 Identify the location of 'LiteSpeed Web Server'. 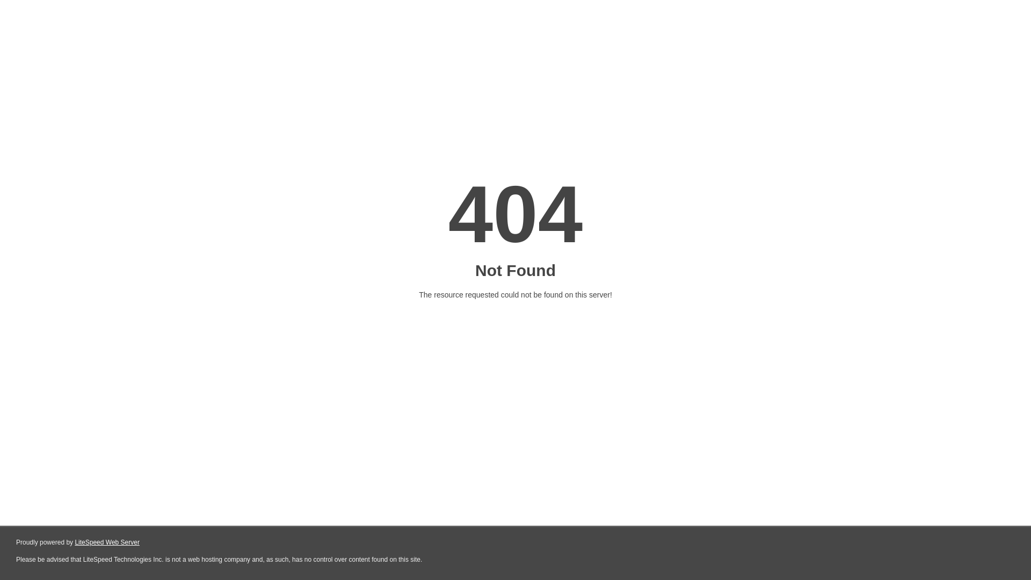
(107, 542).